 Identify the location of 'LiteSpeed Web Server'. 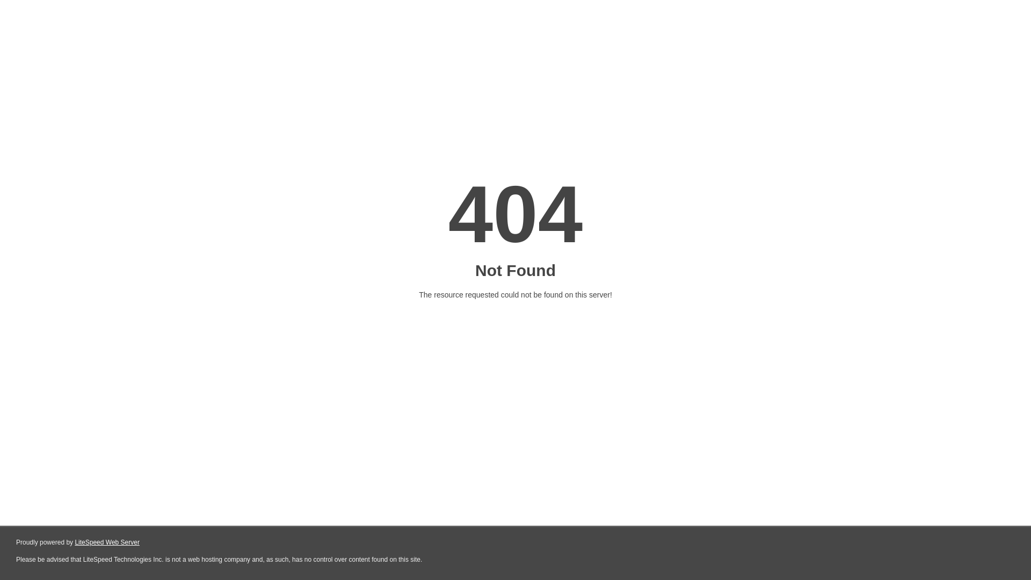
(107, 542).